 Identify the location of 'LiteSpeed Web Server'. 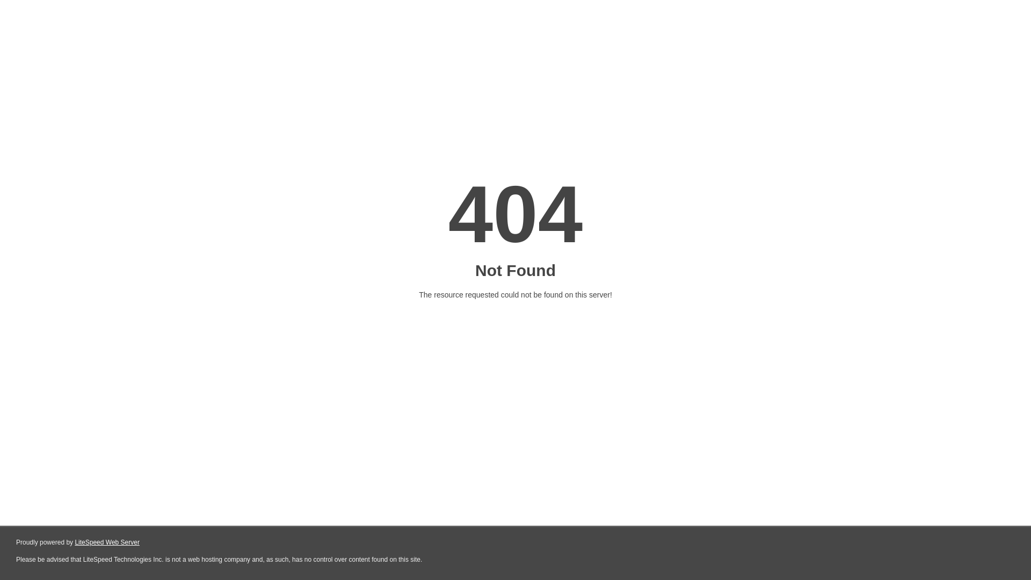
(107, 542).